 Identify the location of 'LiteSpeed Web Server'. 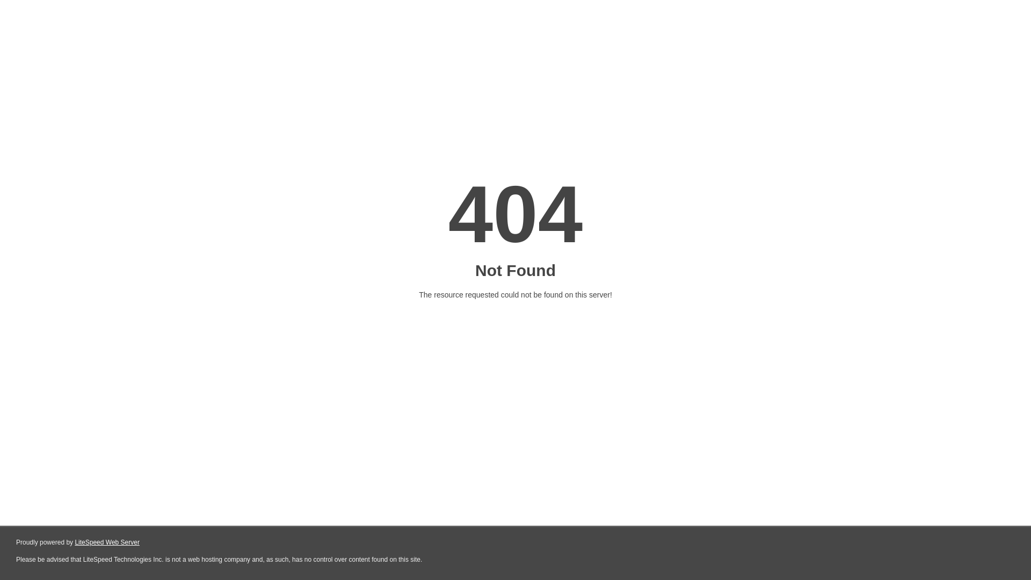
(107, 542).